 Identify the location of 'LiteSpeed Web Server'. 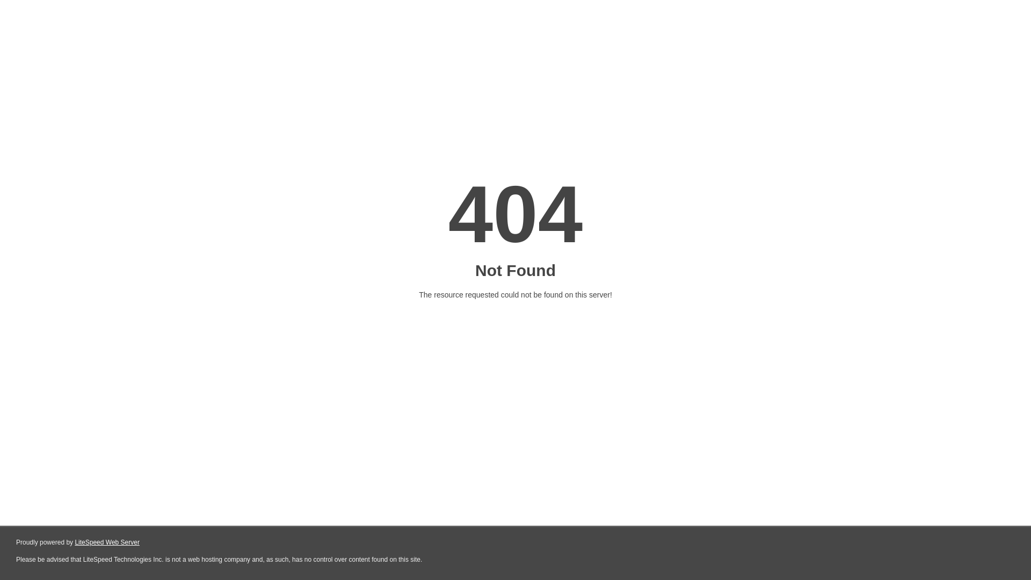
(107, 542).